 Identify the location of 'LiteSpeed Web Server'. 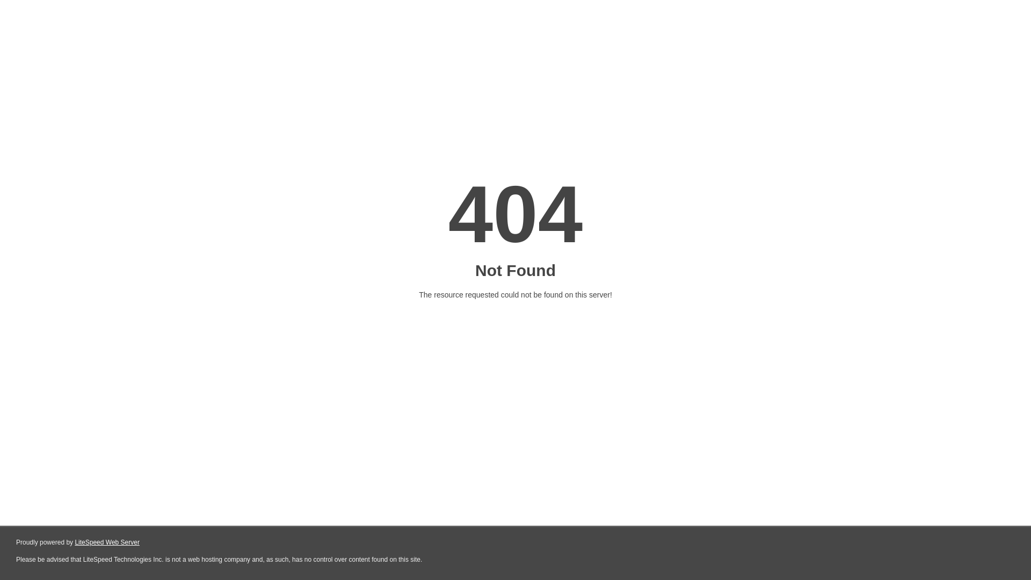
(107, 542).